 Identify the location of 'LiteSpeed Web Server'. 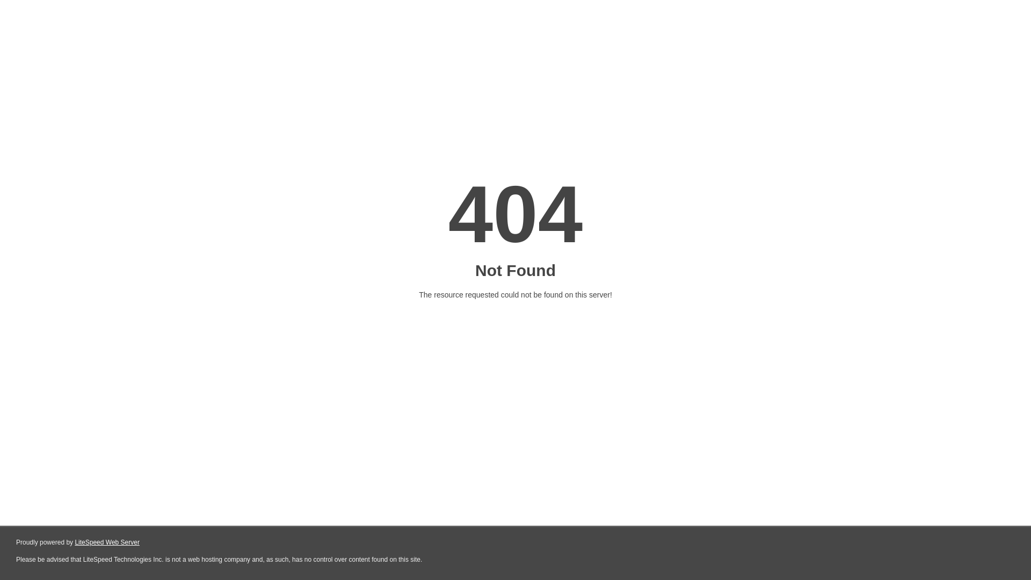
(107, 542).